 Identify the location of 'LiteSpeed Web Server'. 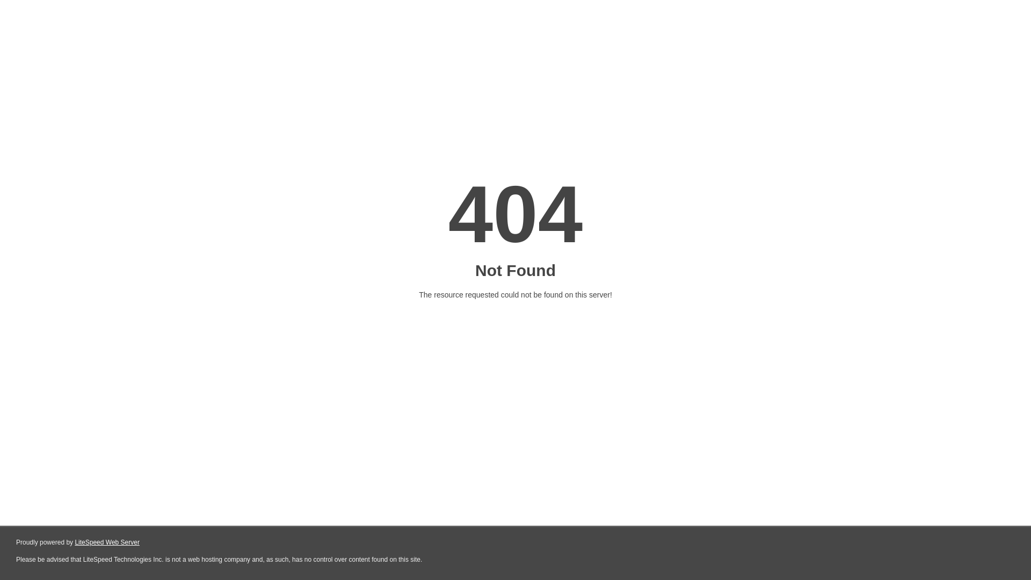
(107, 542).